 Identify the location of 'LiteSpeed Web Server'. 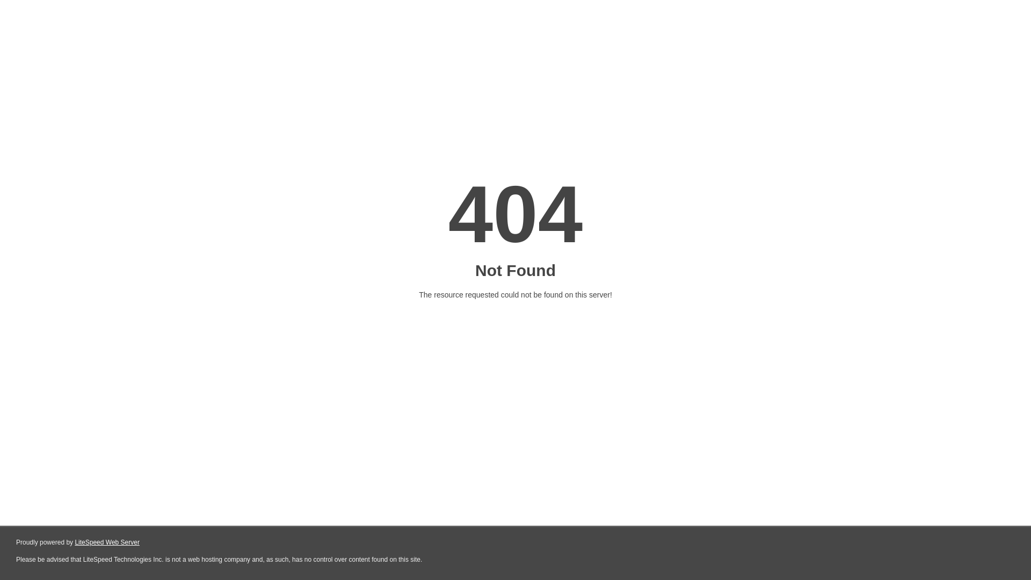
(107, 542).